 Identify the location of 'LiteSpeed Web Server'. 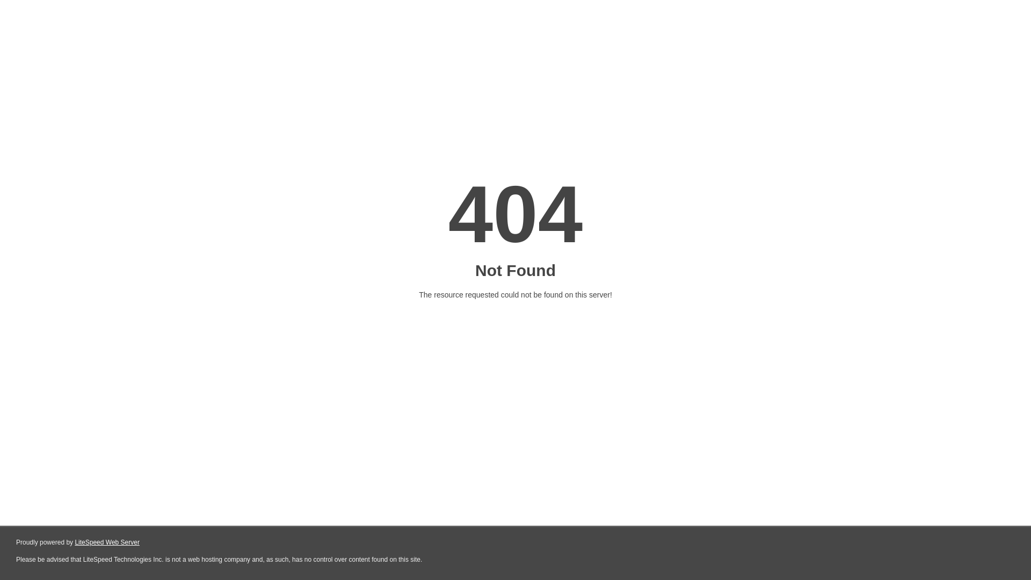
(107, 542).